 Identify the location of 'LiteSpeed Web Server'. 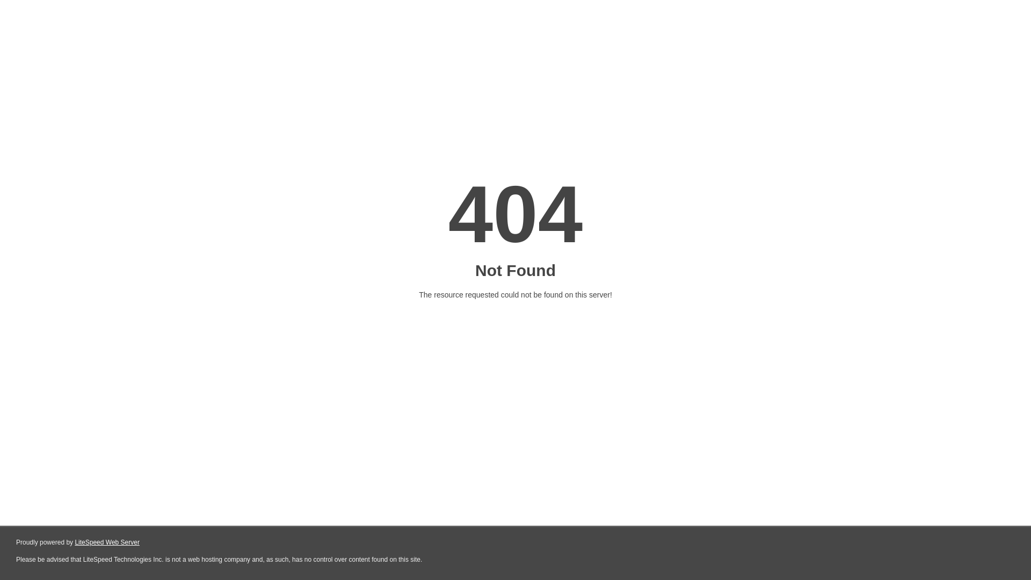
(107, 542).